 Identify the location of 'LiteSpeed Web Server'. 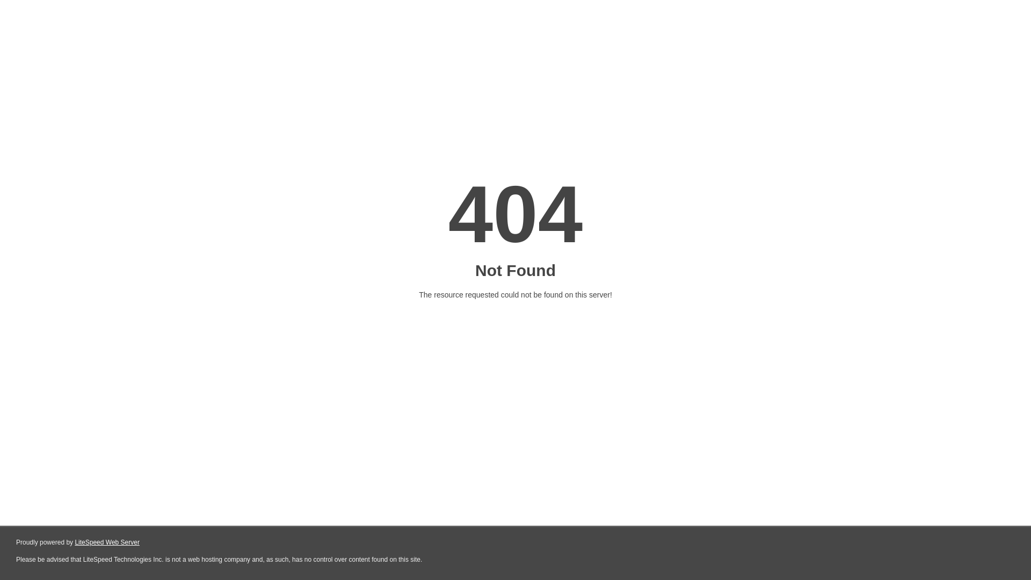
(107, 542).